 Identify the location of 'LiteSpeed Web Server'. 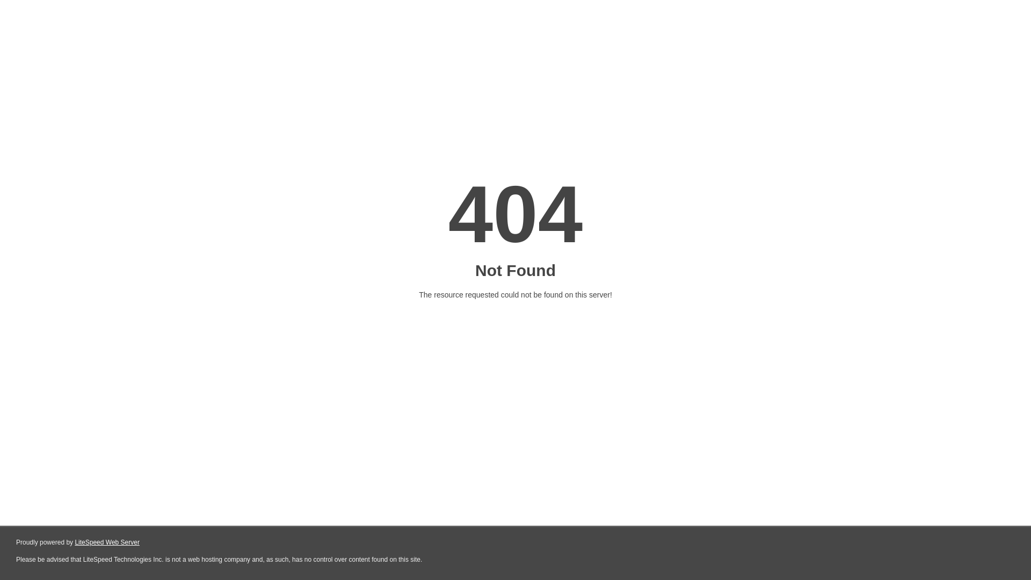
(107, 542).